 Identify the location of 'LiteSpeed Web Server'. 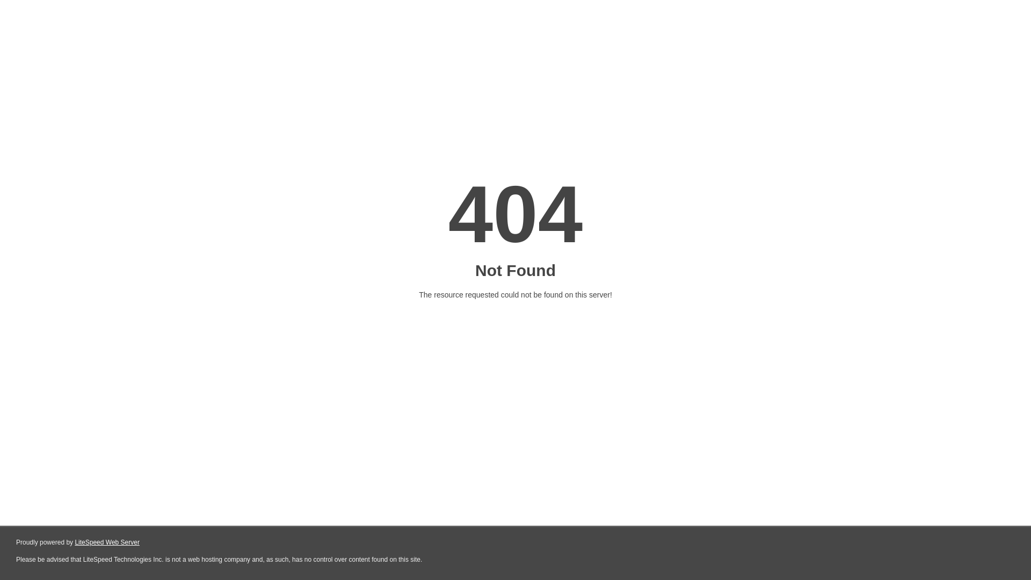
(107, 542).